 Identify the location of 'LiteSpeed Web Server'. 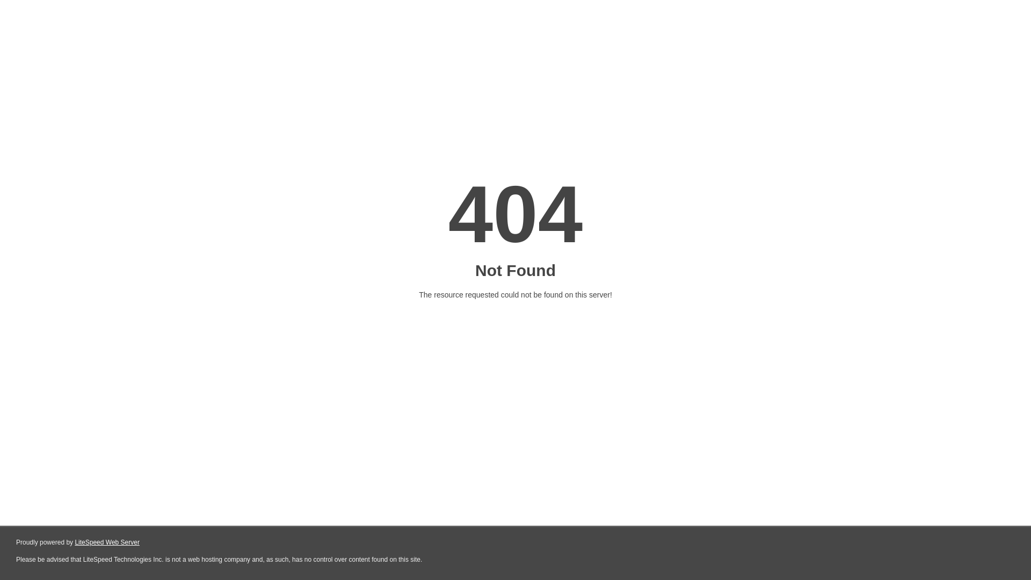
(107, 542).